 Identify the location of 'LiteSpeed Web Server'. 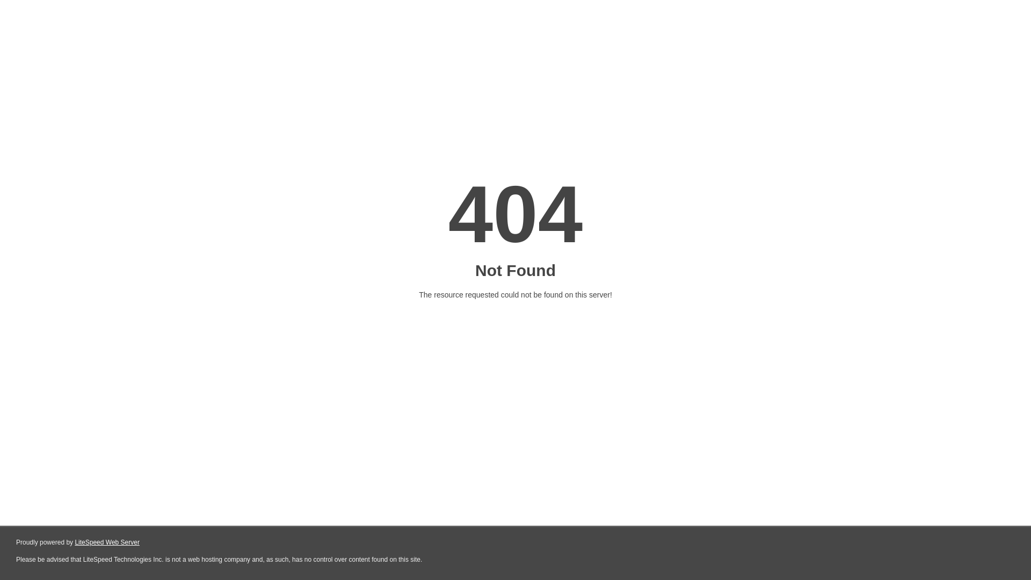
(107, 542).